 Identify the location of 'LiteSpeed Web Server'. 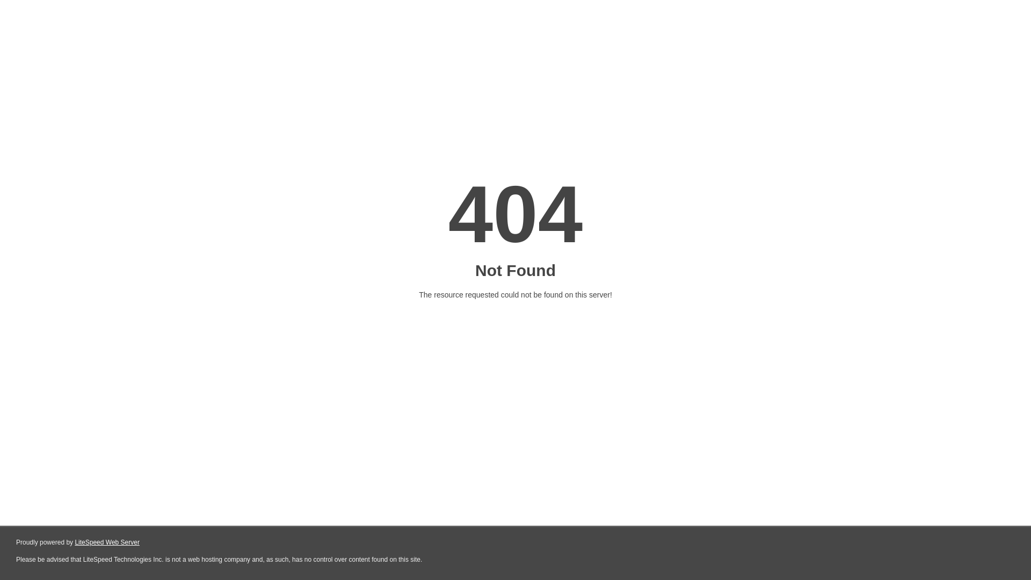
(107, 542).